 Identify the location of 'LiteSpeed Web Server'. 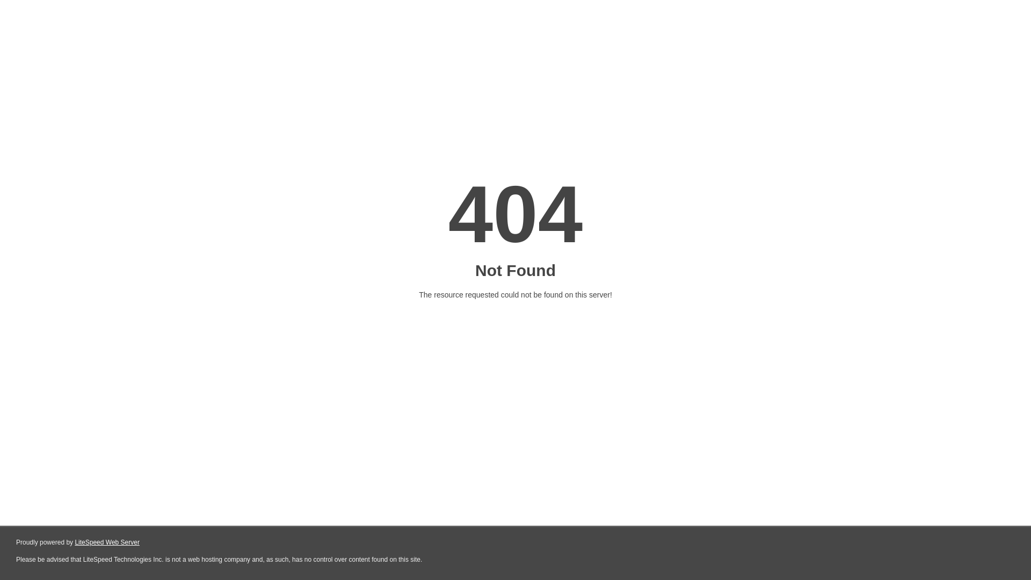
(107, 542).